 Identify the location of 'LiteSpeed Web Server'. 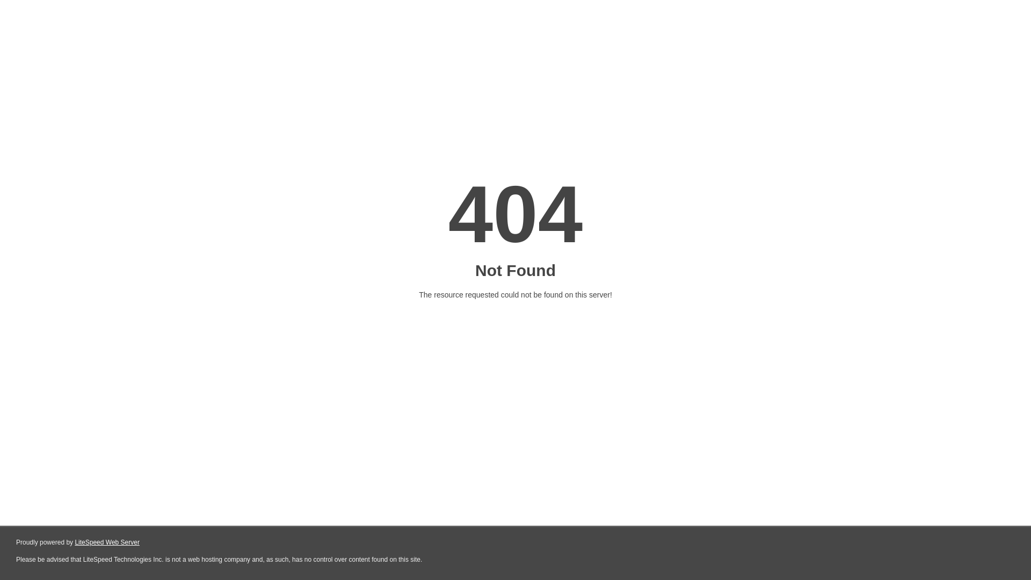
(107, 542).